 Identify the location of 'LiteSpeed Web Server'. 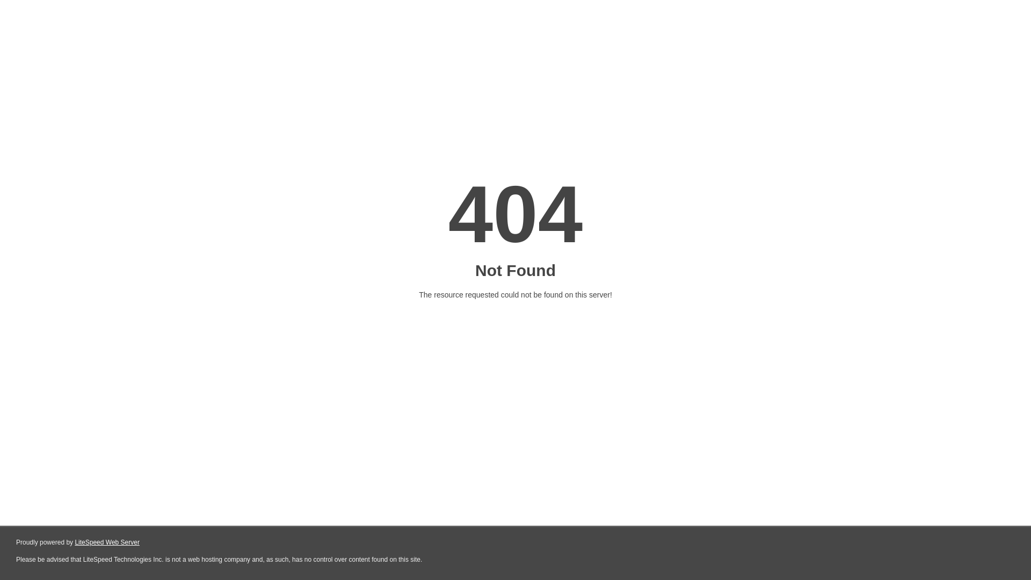
(107, 542).